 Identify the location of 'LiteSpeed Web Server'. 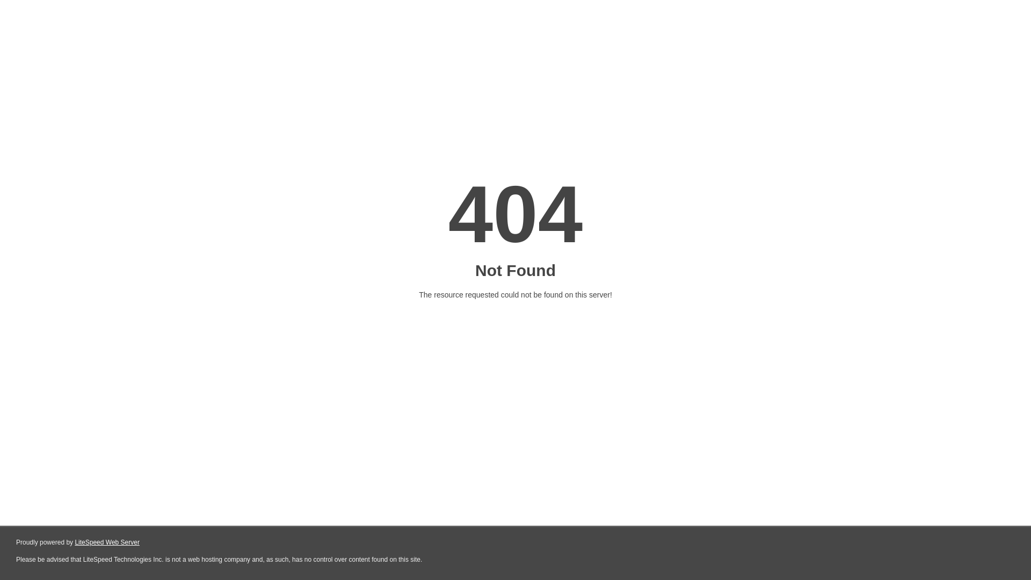
(107, 542).